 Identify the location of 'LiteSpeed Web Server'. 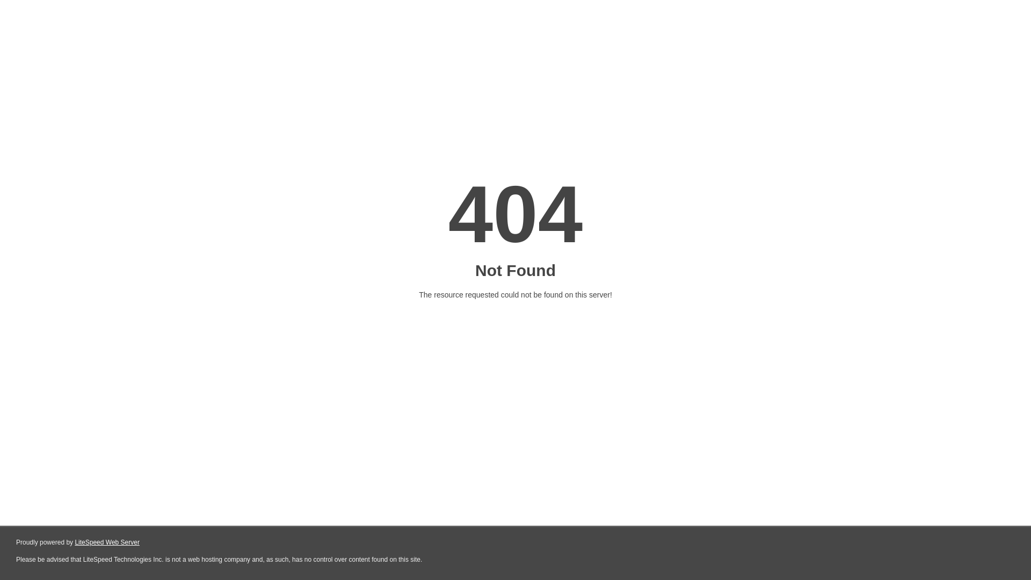
(107, 542).